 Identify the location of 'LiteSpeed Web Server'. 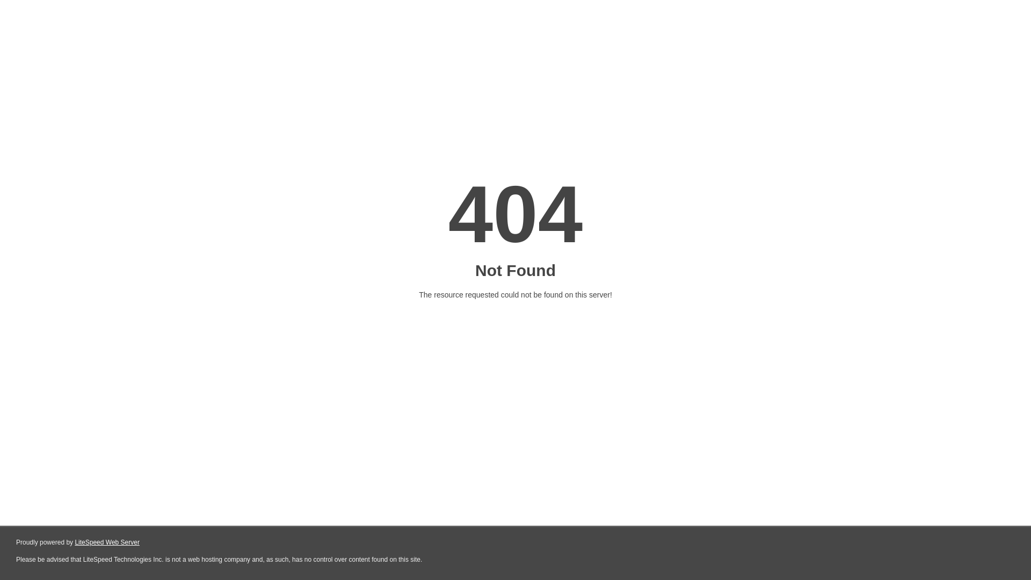
(107, 542).